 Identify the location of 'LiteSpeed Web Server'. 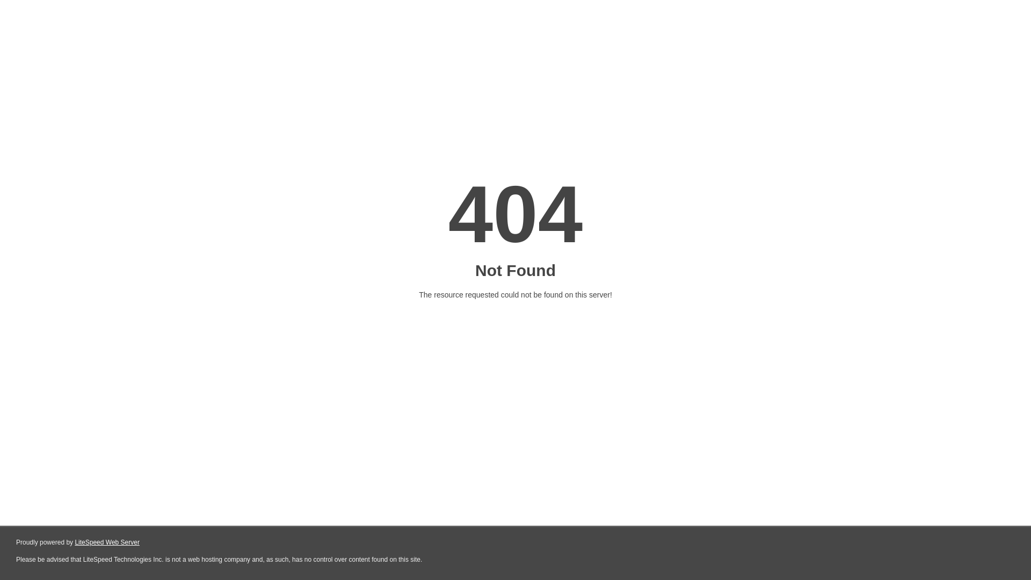
(107, 542).